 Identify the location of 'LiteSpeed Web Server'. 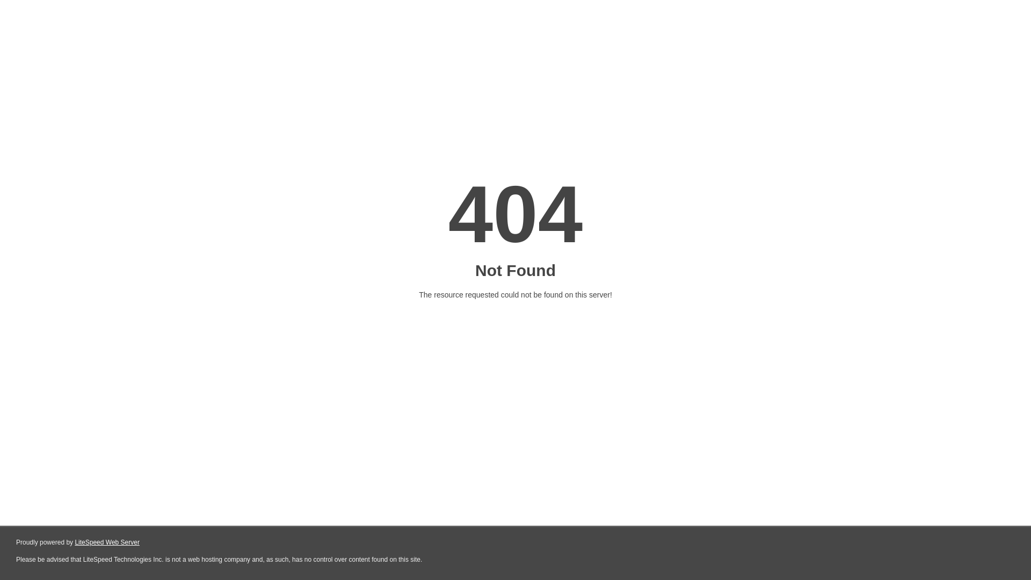
(107, 542).